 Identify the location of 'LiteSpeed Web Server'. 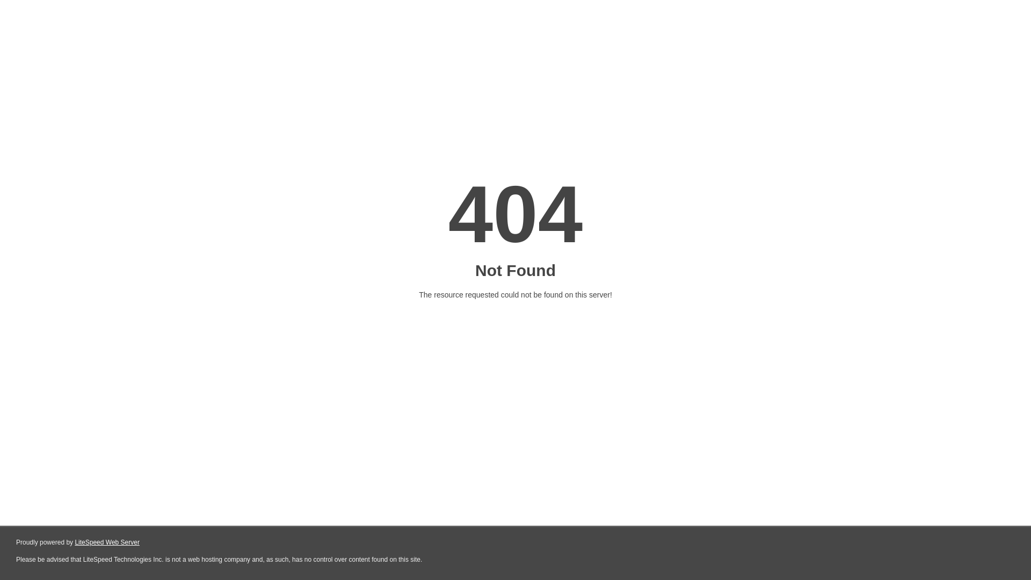
(107, 542).